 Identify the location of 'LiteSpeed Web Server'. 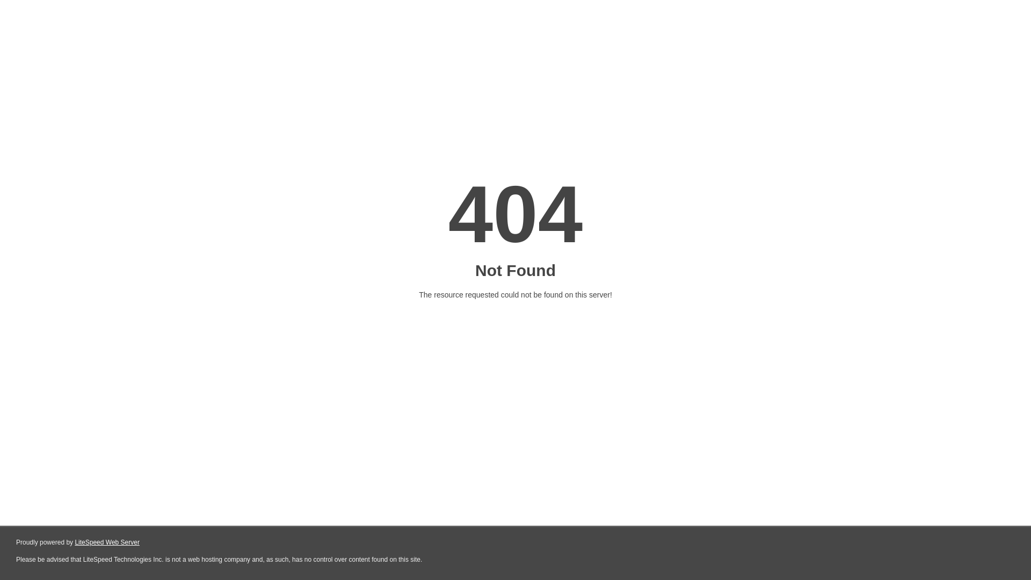
(107, 542).